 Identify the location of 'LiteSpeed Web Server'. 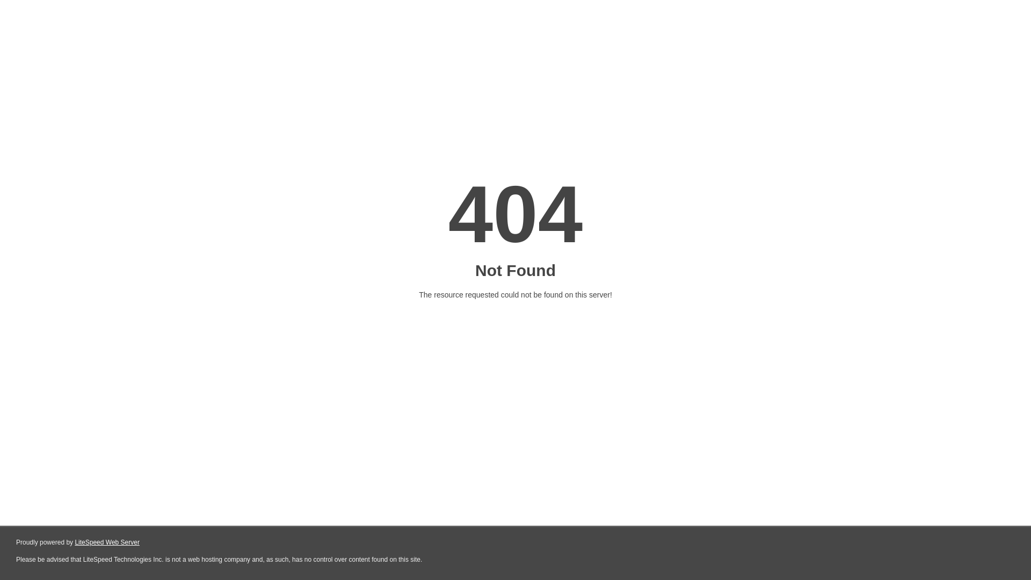
(107, 542).